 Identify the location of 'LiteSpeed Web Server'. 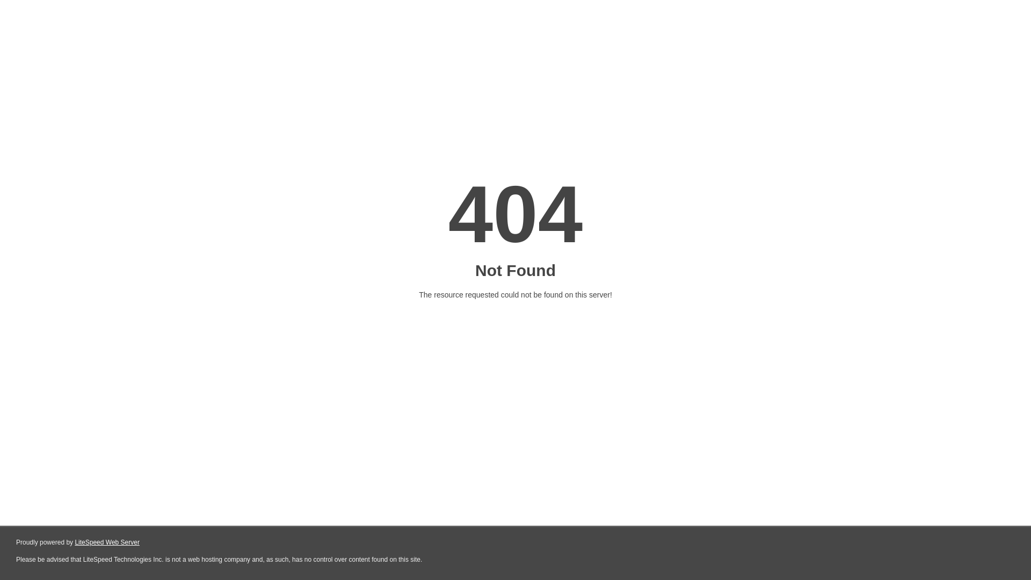
(107, 542).